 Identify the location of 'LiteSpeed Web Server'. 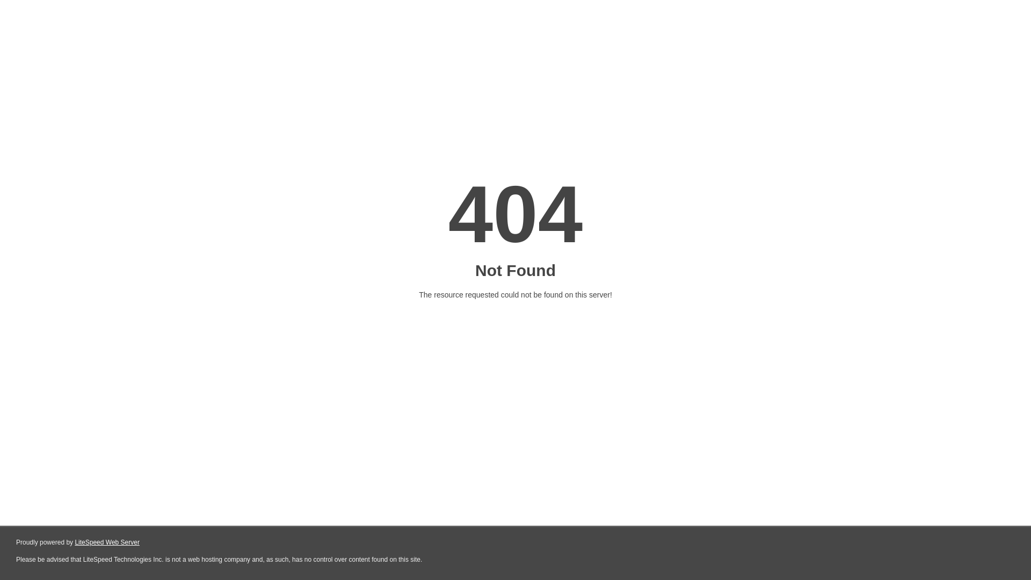
(107, 542).